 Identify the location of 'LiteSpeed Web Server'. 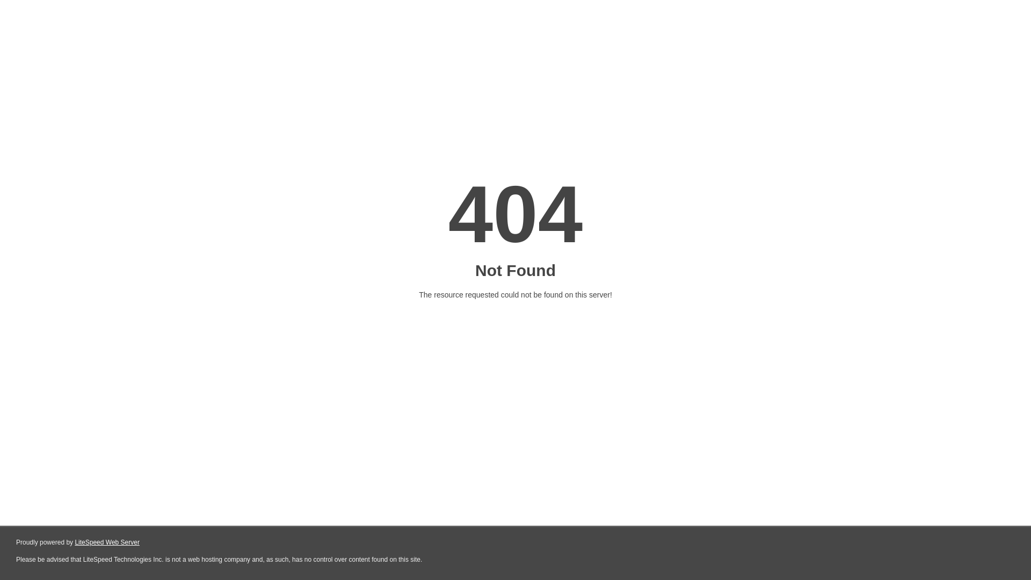
(107, 542).